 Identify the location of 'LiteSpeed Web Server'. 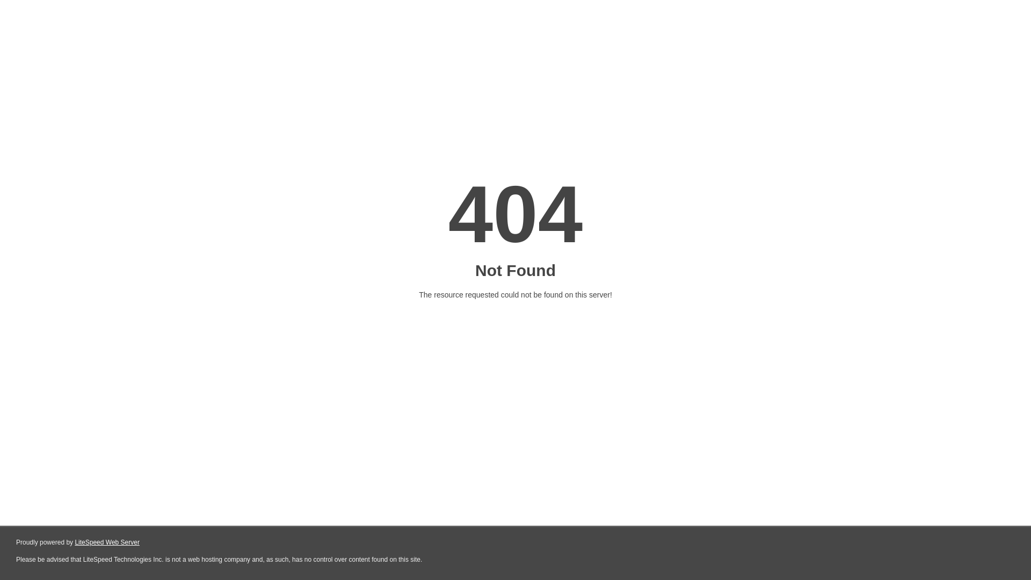
(107, 542).